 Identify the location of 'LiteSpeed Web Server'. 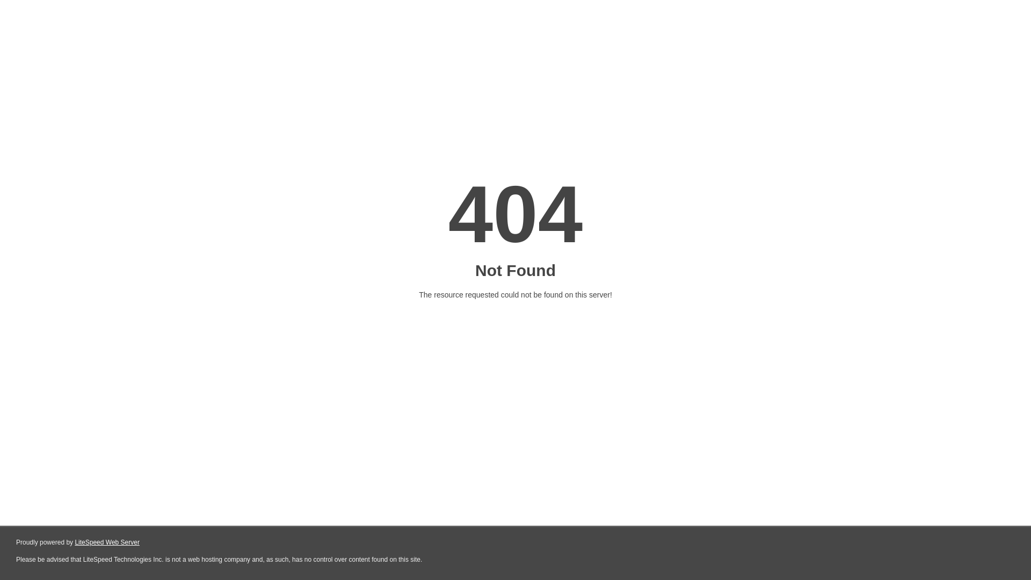
(107, 542).